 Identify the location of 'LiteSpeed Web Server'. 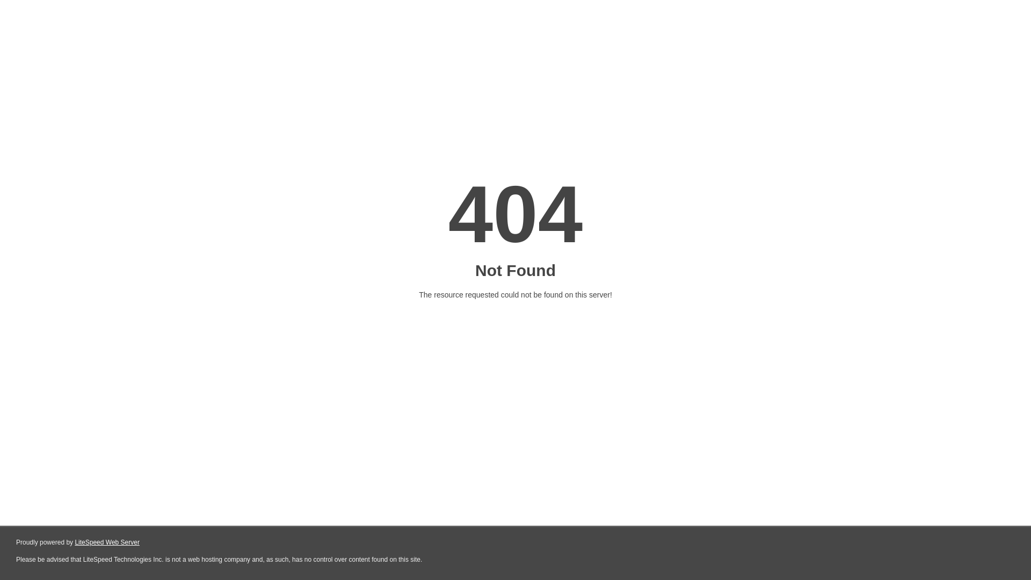
(107, 542).